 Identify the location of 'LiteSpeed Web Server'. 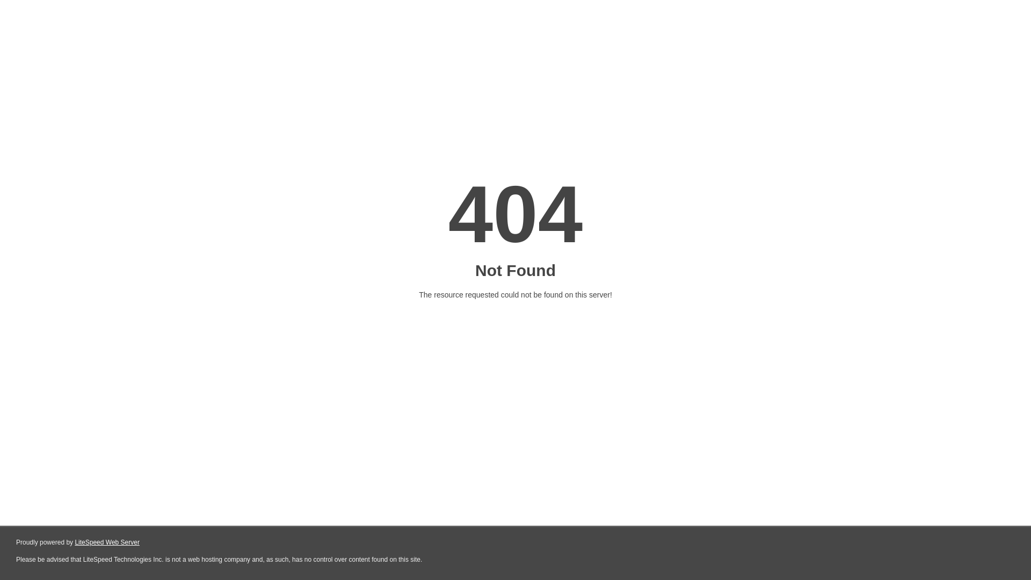
(107, 542).